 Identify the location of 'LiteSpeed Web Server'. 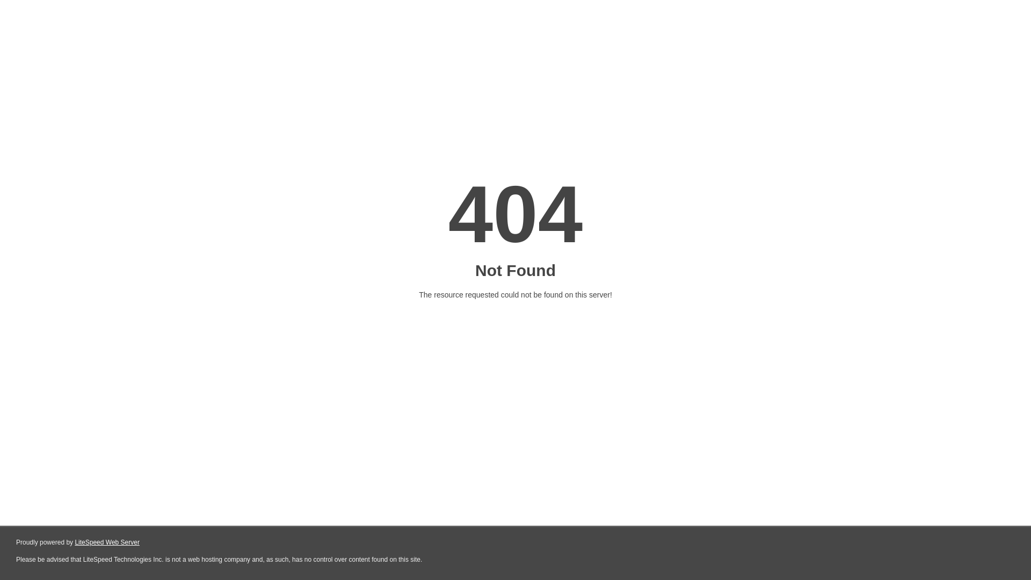
(107, 542).